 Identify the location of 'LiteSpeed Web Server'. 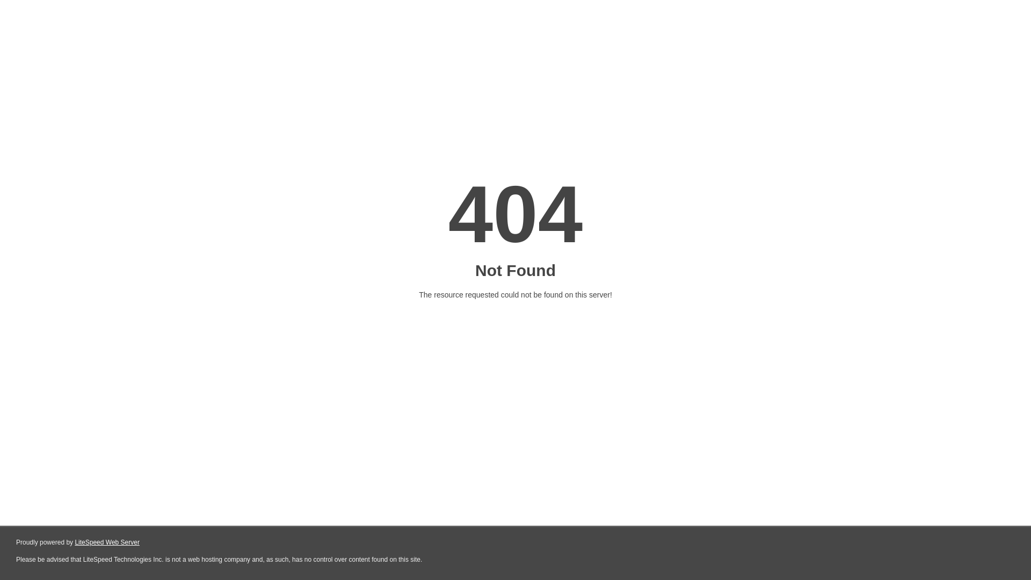
(107, 542).